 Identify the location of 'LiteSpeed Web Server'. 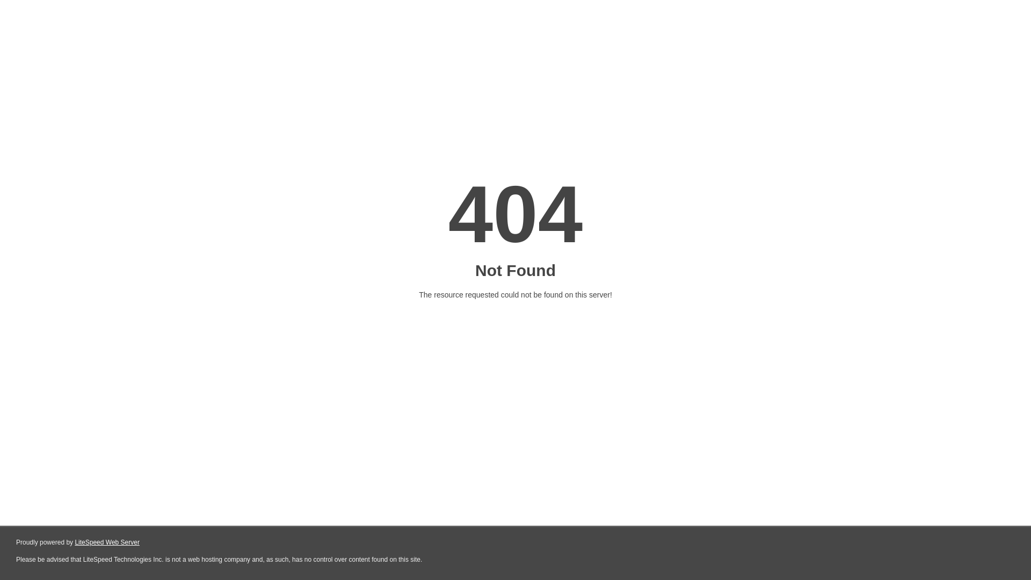
(107, 542).